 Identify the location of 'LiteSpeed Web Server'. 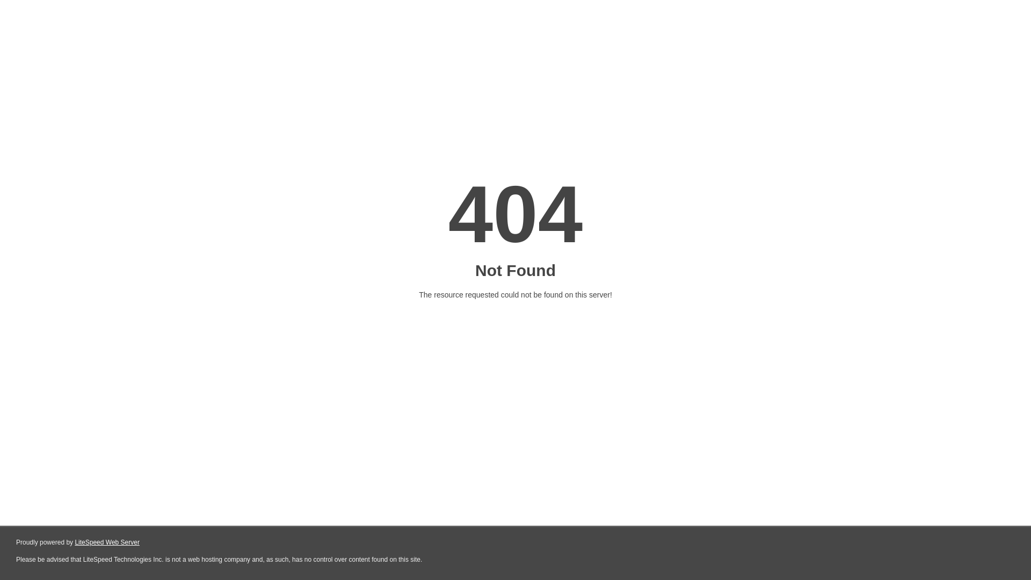
(107, 542).